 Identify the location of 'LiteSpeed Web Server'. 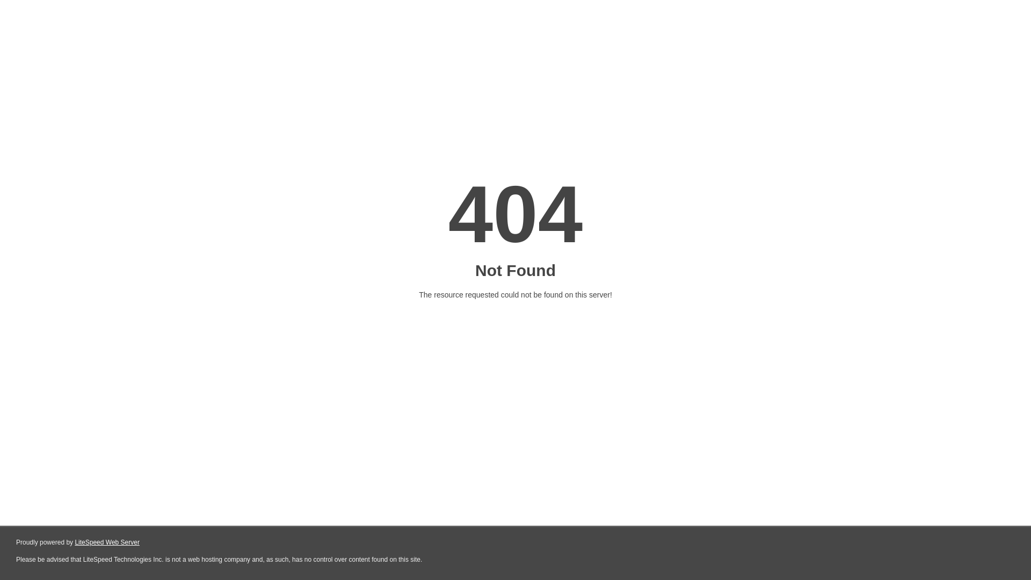
(107, 542).